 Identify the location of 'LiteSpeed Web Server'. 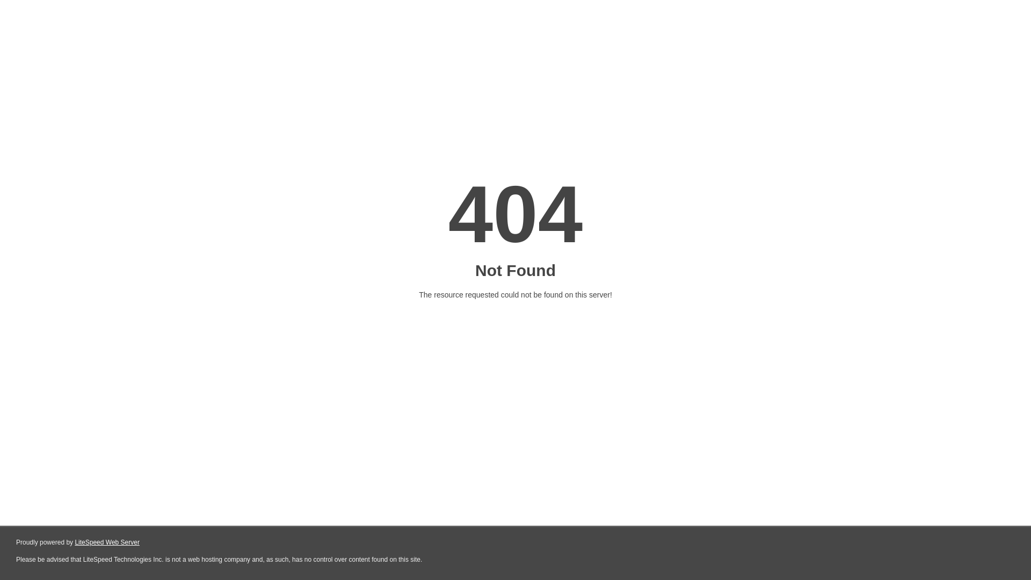
(107, 542).